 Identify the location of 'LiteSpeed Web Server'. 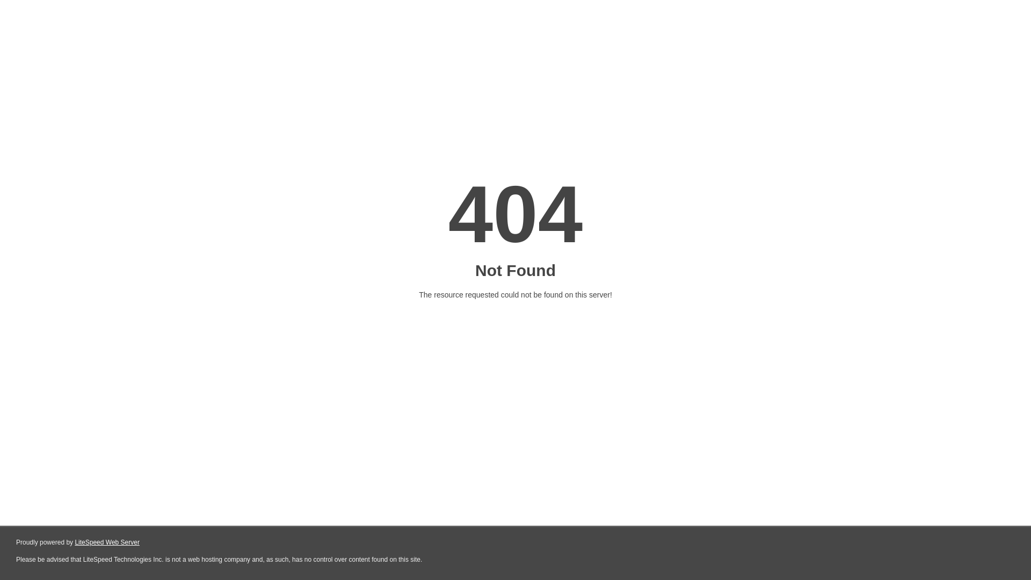
(107, 542).